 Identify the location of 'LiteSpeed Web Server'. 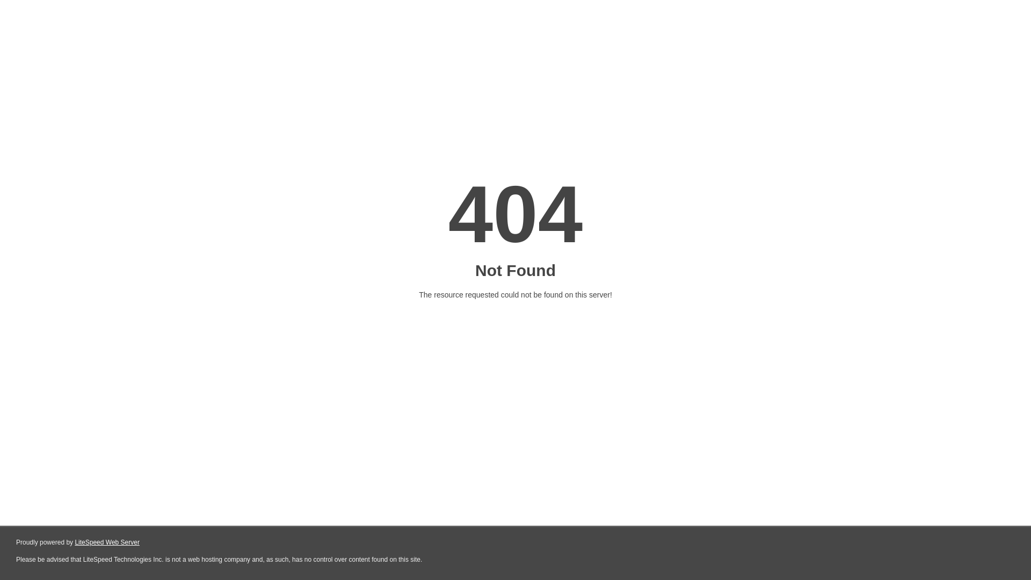
(107, 542).